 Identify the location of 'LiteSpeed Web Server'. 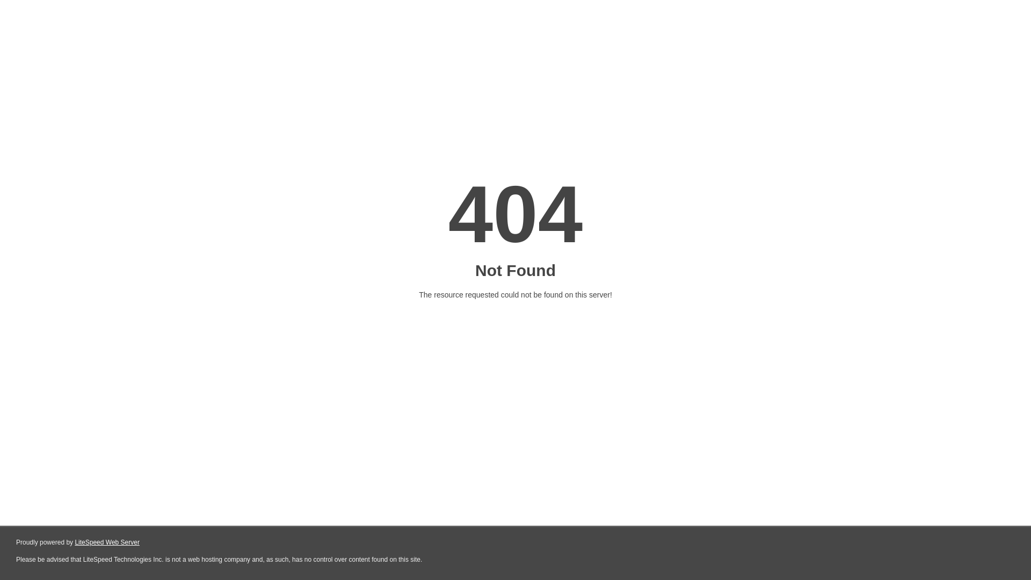
(107, 542).